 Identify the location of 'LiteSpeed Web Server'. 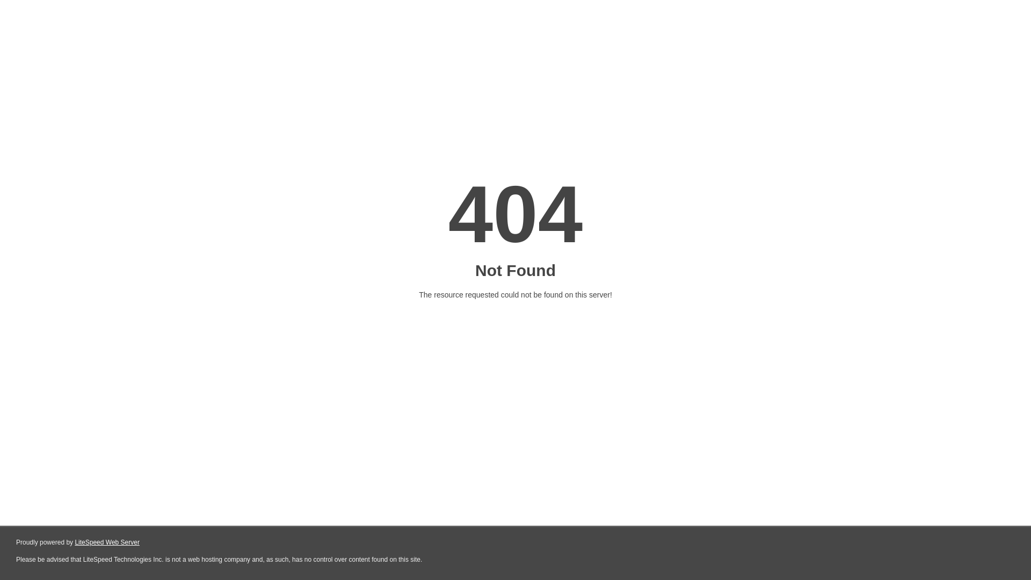
(107, 542).